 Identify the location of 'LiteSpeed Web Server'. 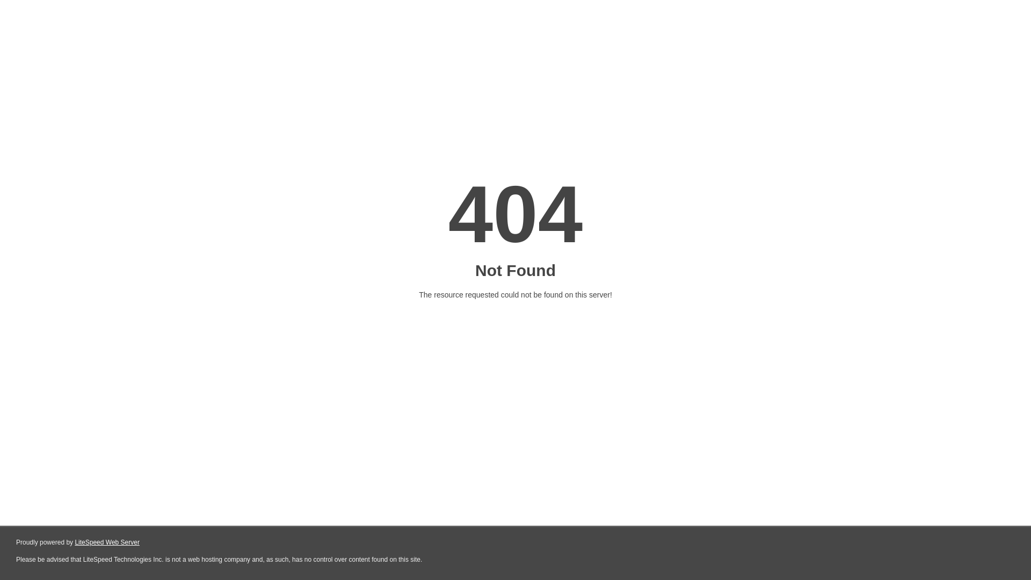
(107, 542).